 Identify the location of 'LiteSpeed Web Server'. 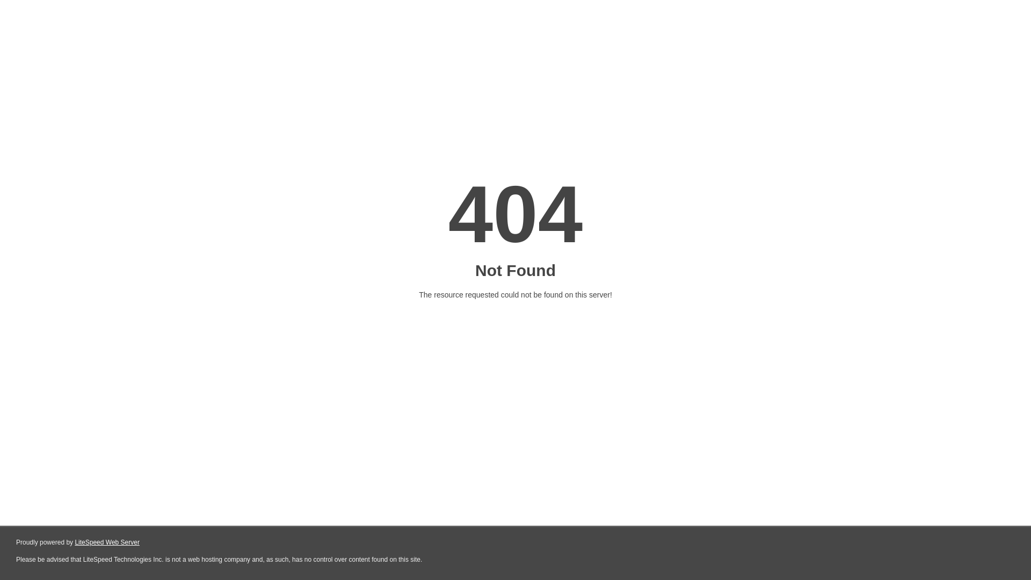
(107, 542).